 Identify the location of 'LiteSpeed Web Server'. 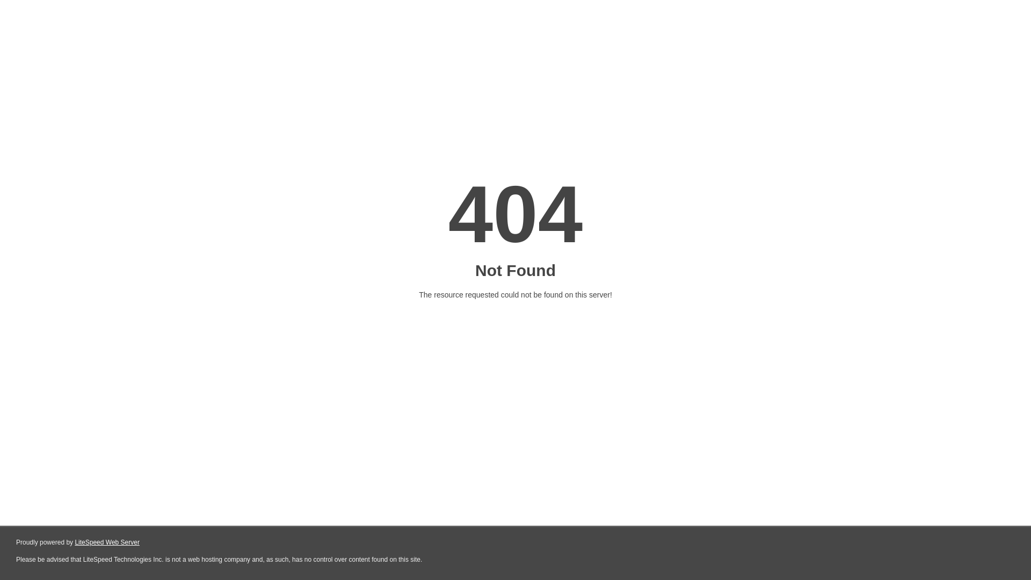
(107, 542).